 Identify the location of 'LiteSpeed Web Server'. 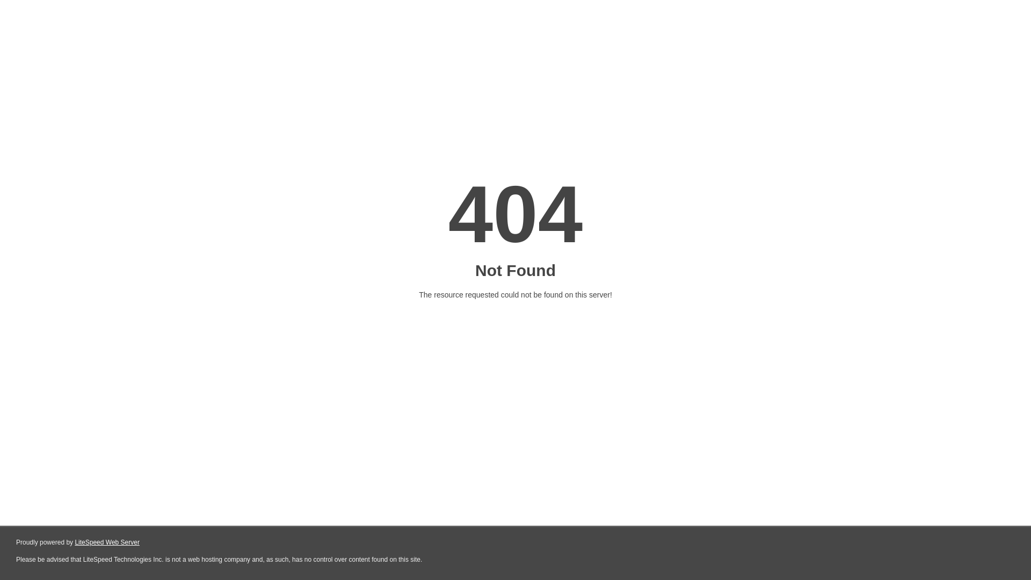
(107, 542).